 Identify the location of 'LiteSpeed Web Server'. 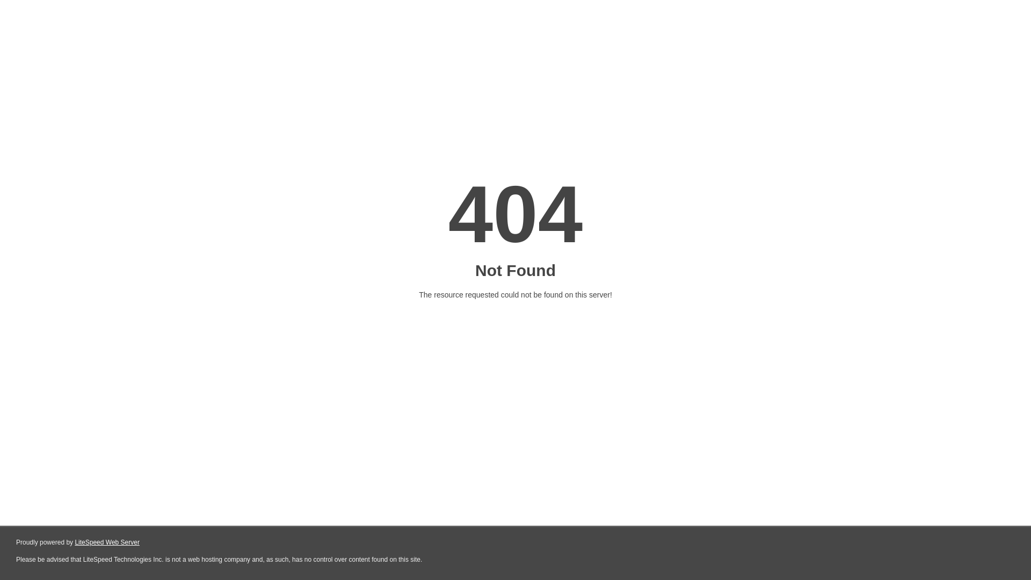
(107, 542).